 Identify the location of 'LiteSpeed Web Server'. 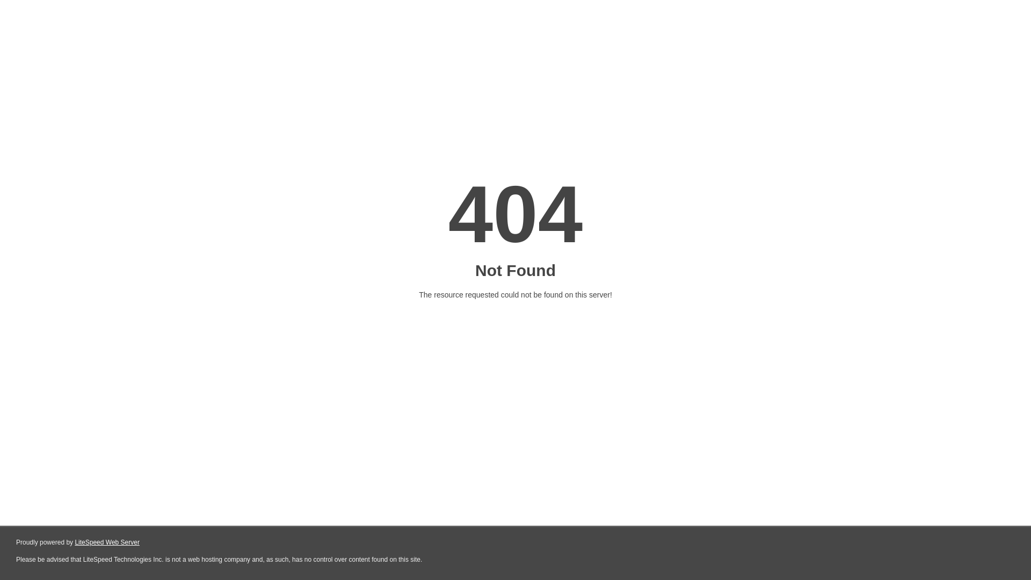
(107, 542).